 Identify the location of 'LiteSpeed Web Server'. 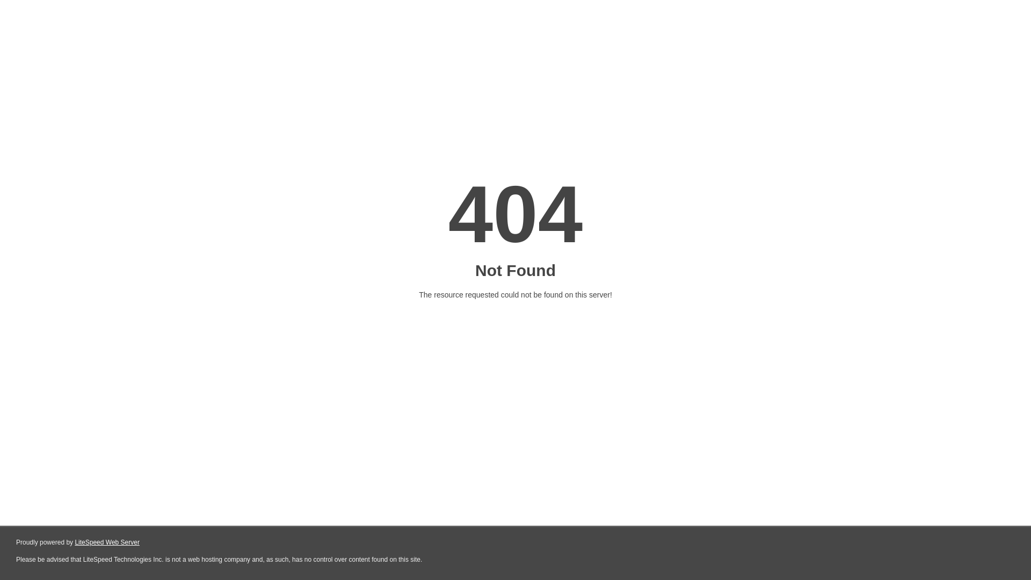
(107, 542).